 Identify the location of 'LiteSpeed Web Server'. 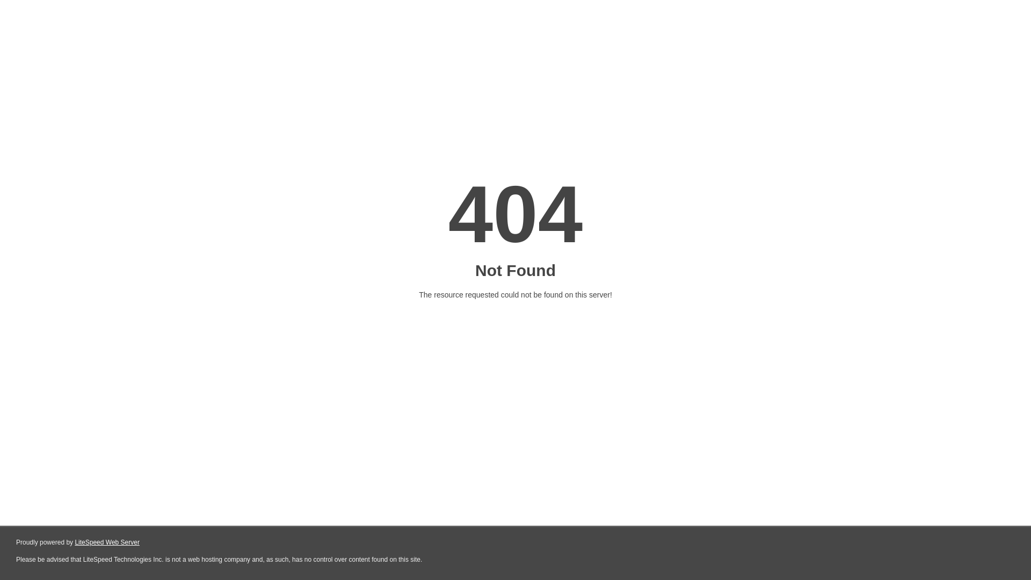
(107, 542).